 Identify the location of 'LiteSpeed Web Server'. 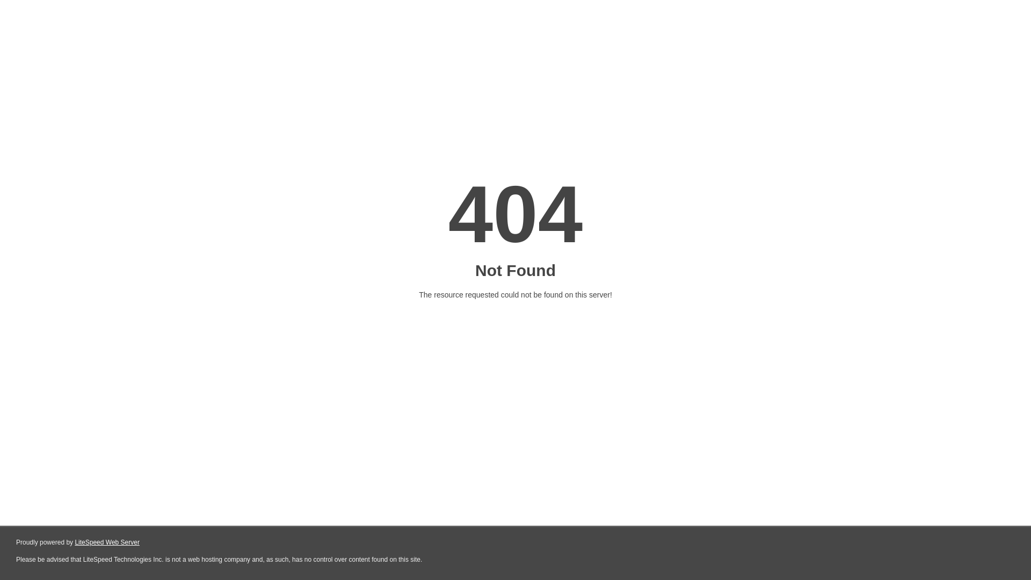
(107, 542).